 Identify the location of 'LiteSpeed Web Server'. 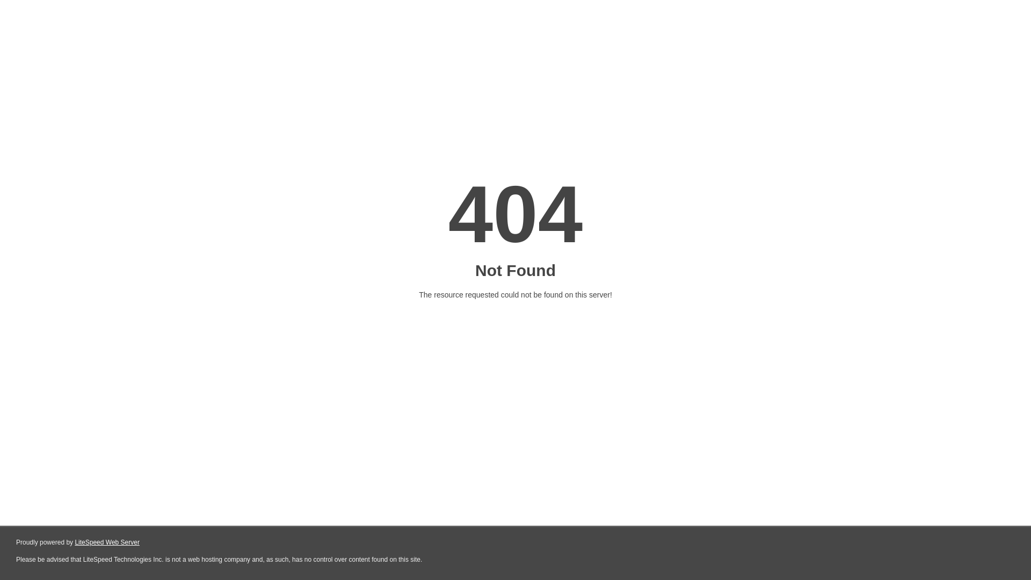
(107, 542).